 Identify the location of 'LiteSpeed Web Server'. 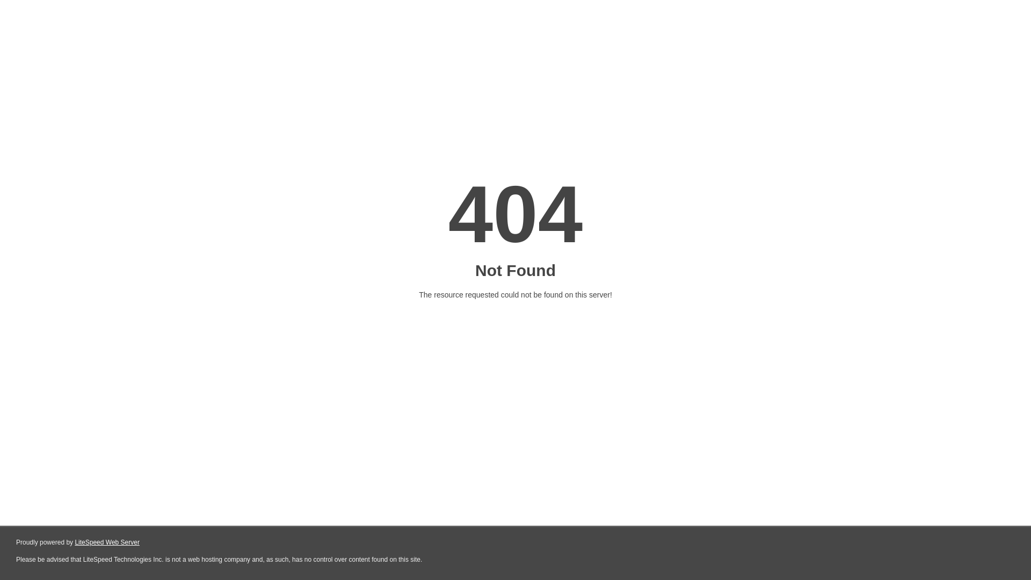
(107, 542).